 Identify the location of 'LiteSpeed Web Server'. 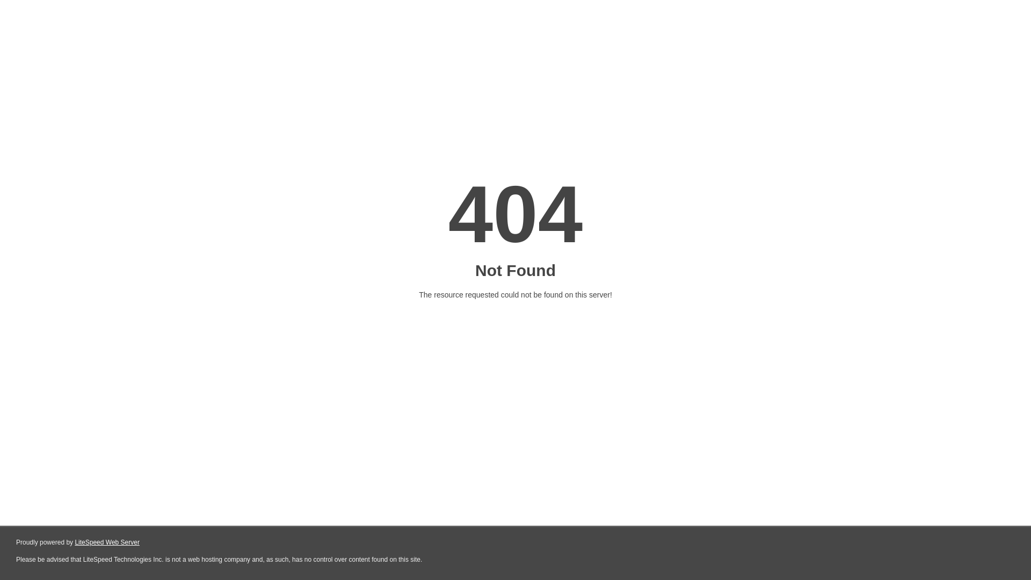
(107, 542).